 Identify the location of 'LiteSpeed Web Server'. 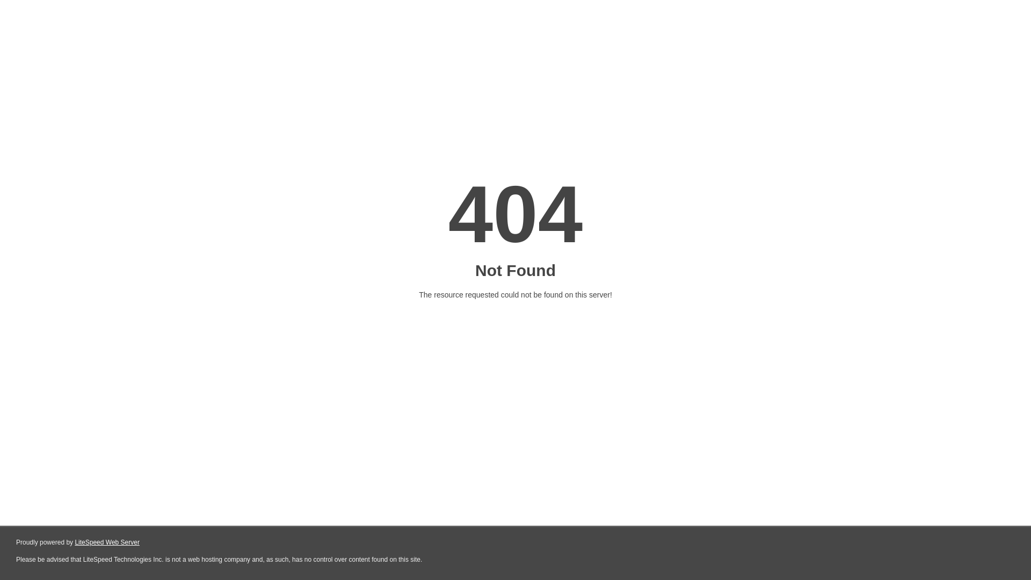
(107, 542).